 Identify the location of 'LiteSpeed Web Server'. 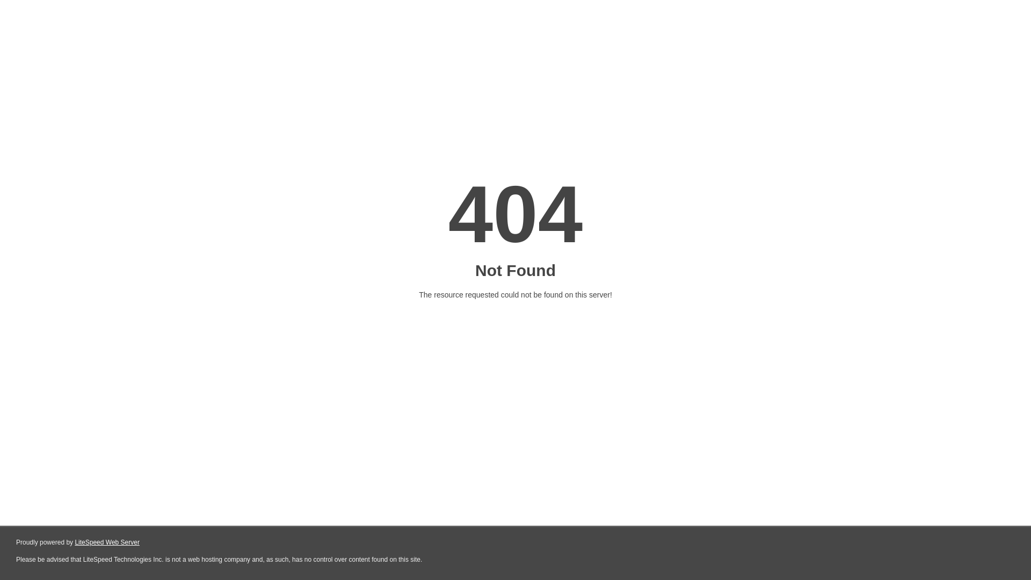
(107, 542).